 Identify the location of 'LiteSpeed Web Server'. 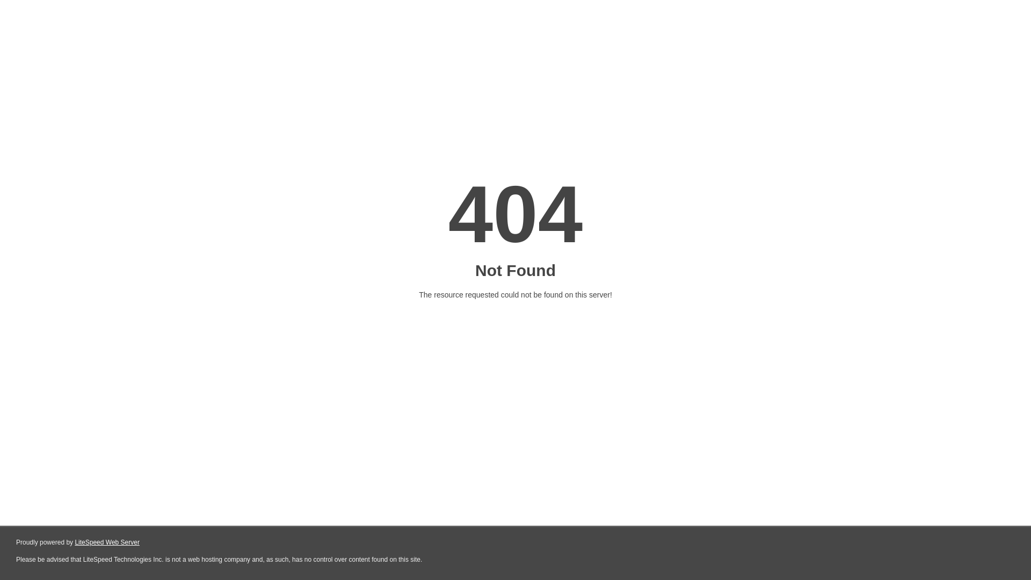
(107, 542).